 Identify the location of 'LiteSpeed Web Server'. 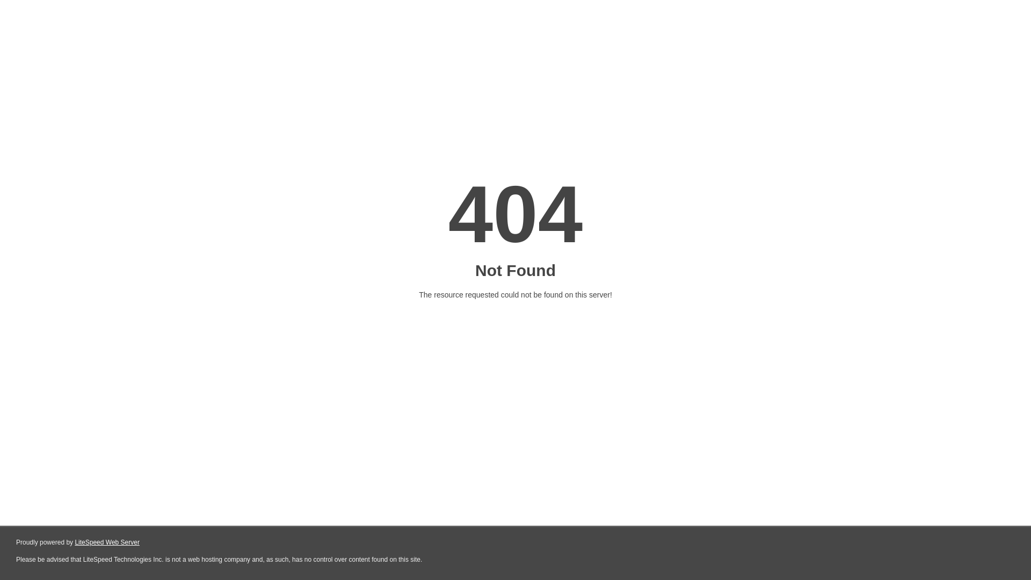
(107, 542).